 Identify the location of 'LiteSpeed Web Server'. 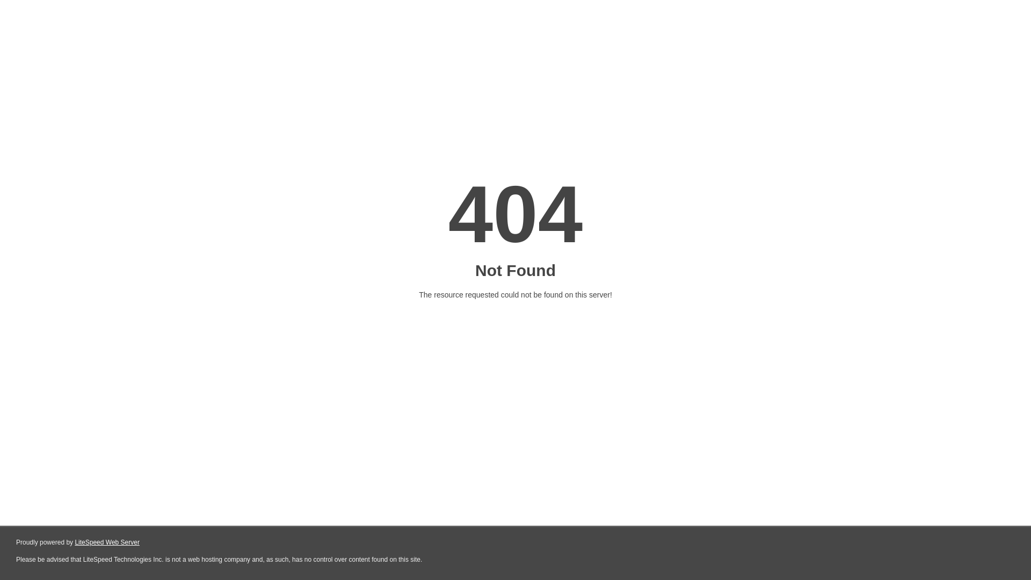
(107, 542).